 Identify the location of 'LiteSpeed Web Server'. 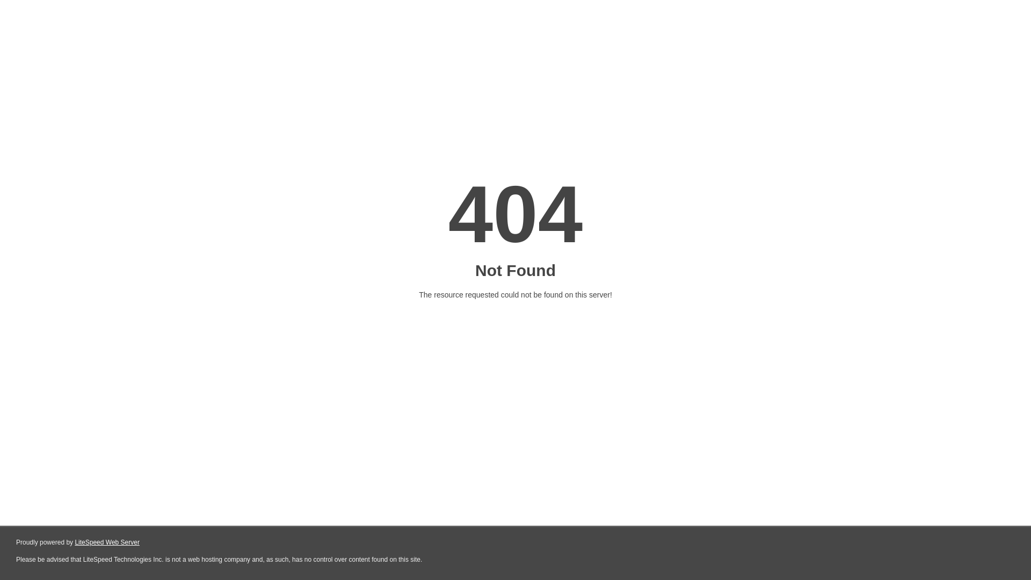
(107, 542).